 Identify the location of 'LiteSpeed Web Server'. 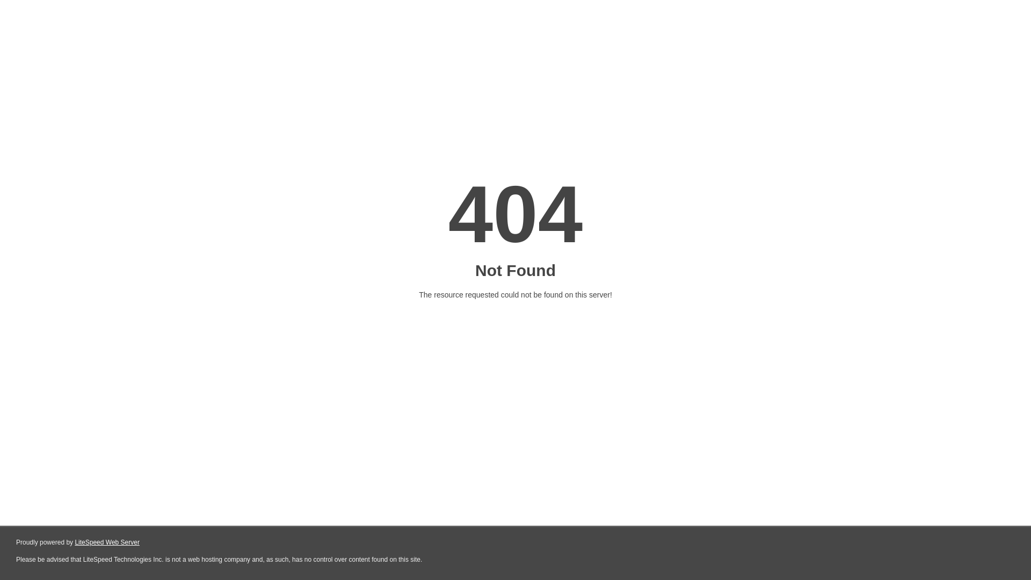
(107, 542).